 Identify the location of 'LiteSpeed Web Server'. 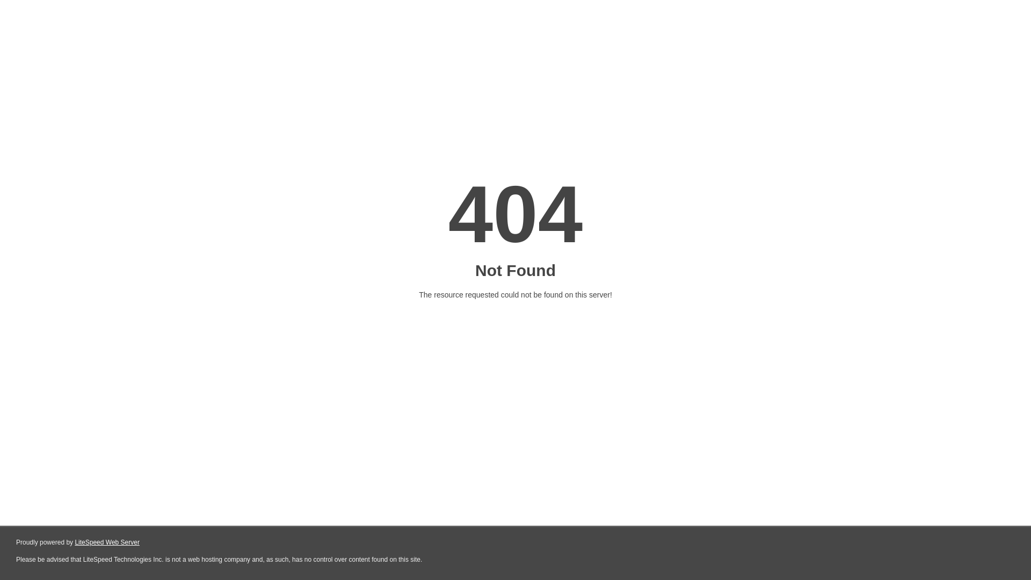
(107, 542).